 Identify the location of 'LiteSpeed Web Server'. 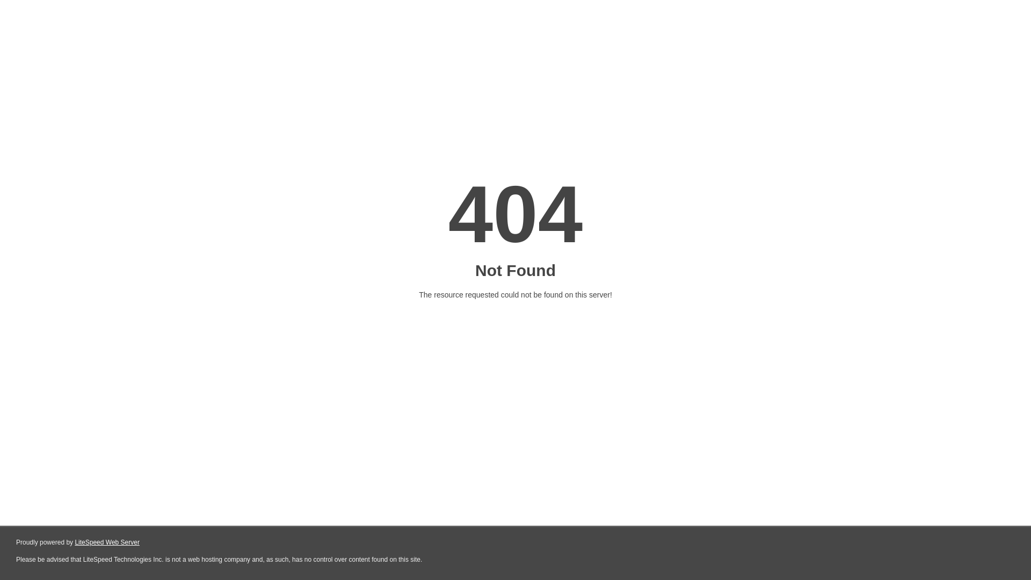
(107, 542).